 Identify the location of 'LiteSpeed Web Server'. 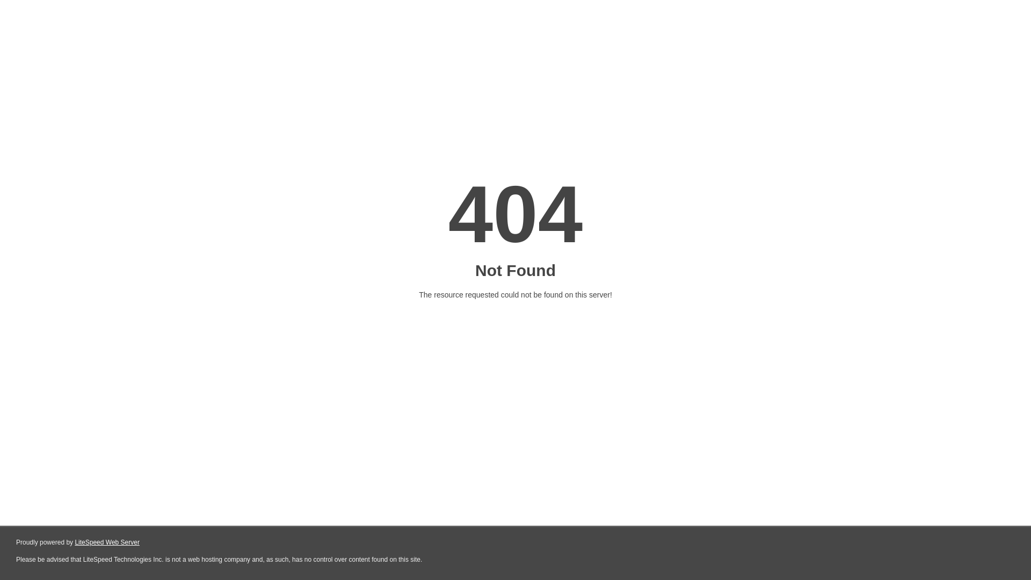
(107, 542).